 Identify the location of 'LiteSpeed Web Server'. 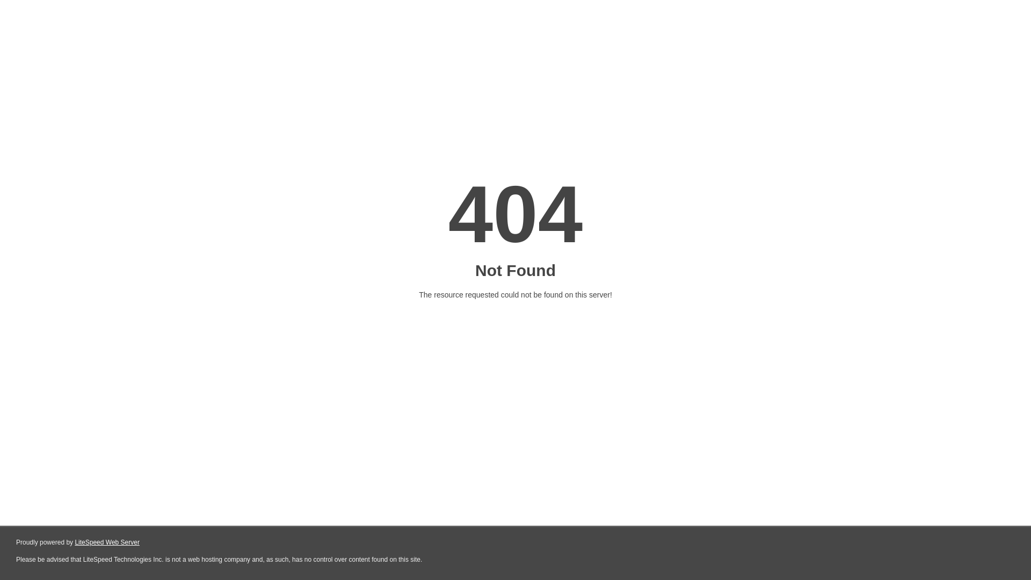
(107, 542).